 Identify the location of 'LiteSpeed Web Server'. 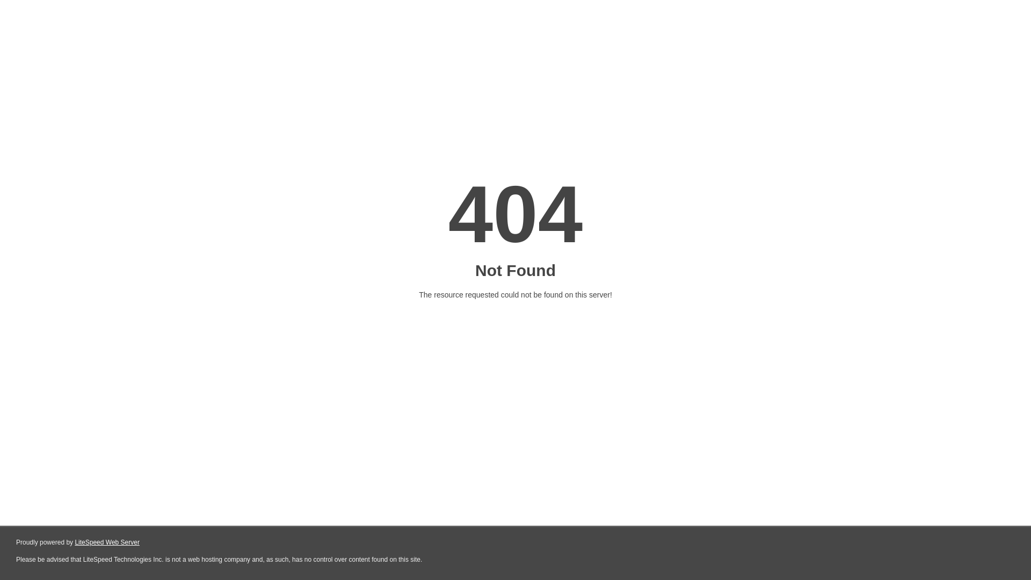
(107, 542).